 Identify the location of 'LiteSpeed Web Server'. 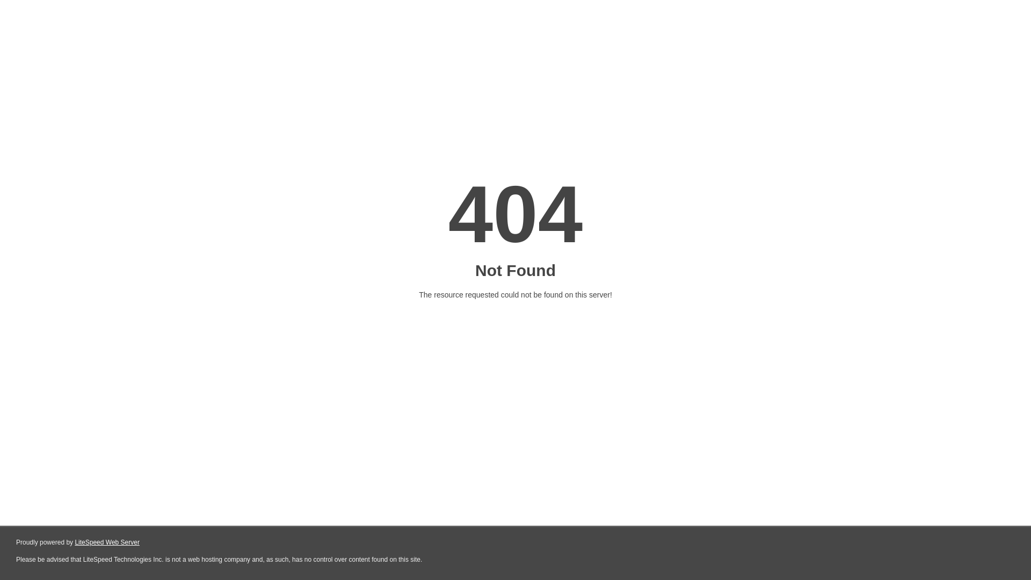
(107, 542).